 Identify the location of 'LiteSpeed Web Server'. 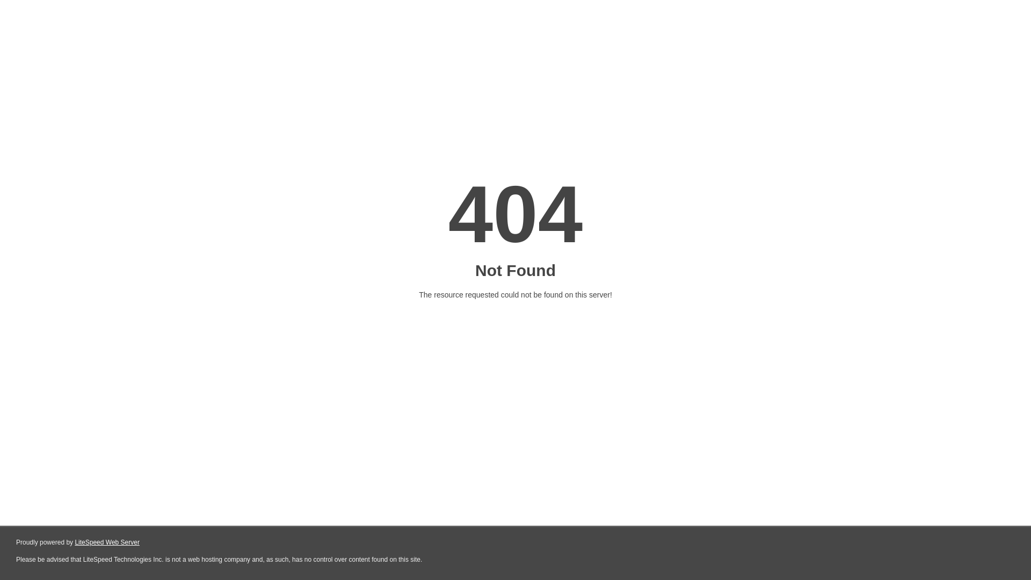
(107, 542).